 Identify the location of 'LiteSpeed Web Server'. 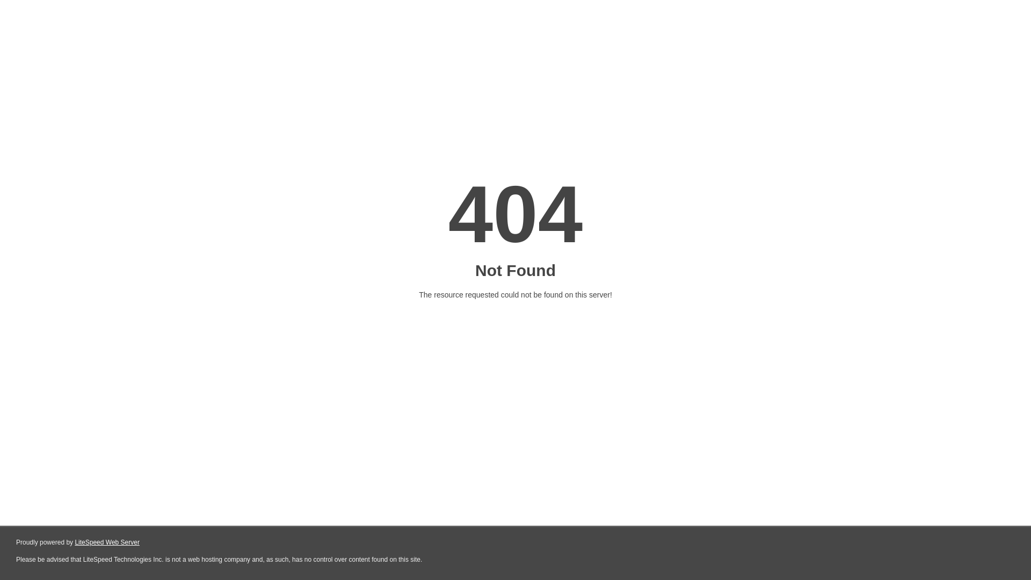
(107, 542).